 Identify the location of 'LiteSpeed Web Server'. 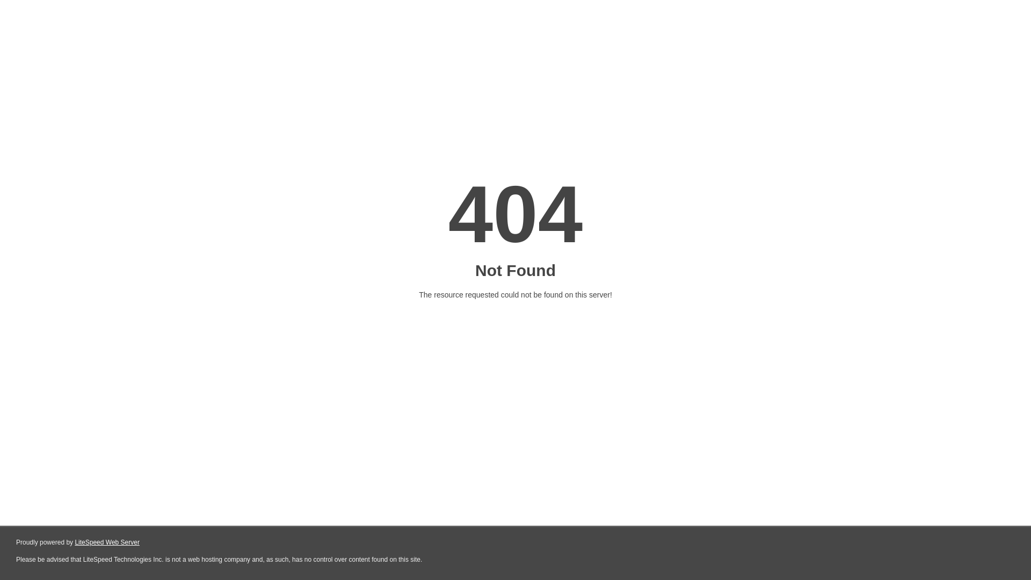
(107, 542).